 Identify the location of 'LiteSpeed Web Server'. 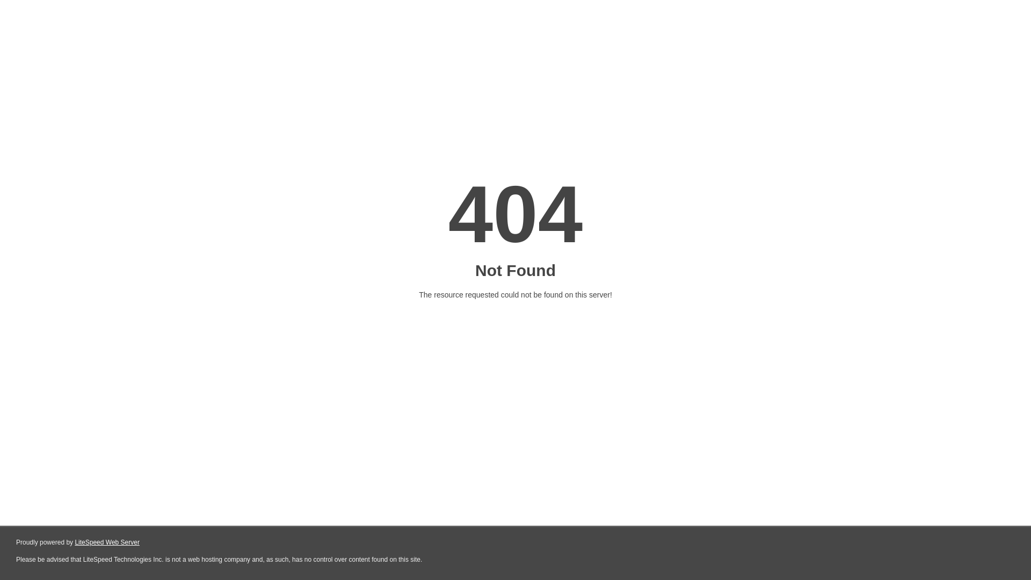
(107, 542).